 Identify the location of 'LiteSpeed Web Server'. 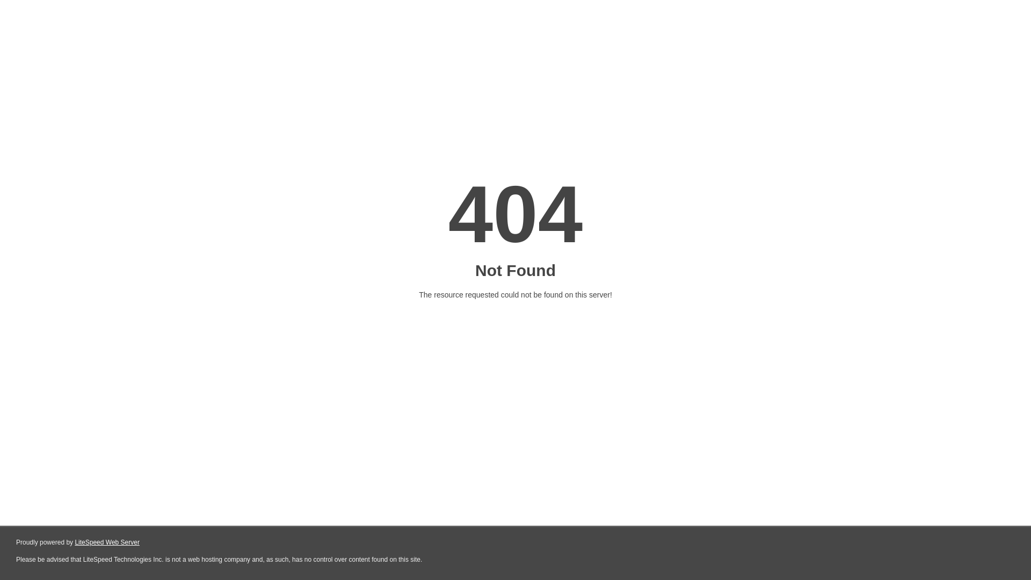
(107, 542).